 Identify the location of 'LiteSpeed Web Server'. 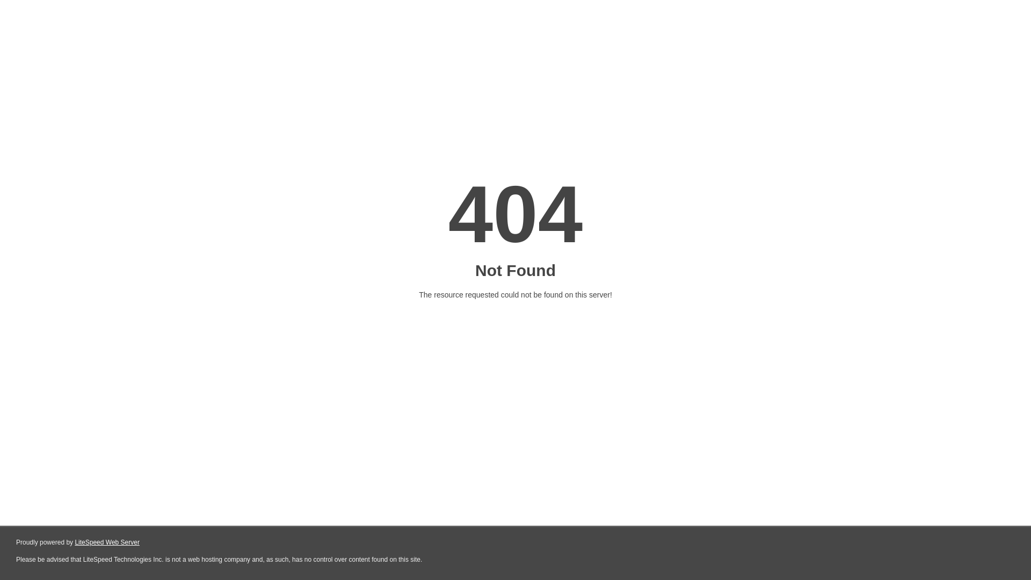
(107, 542).